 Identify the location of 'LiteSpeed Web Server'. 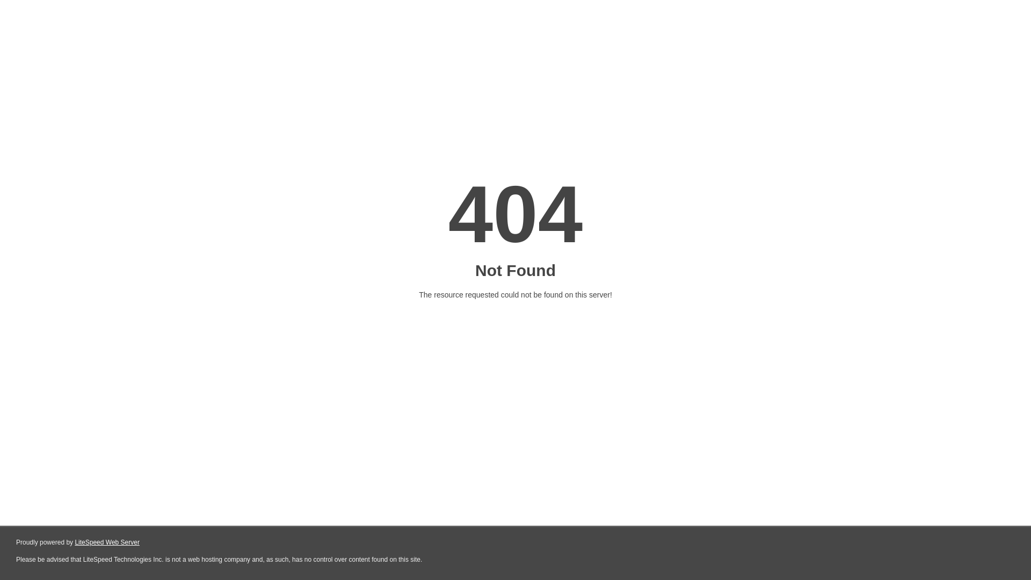
(107, 542).